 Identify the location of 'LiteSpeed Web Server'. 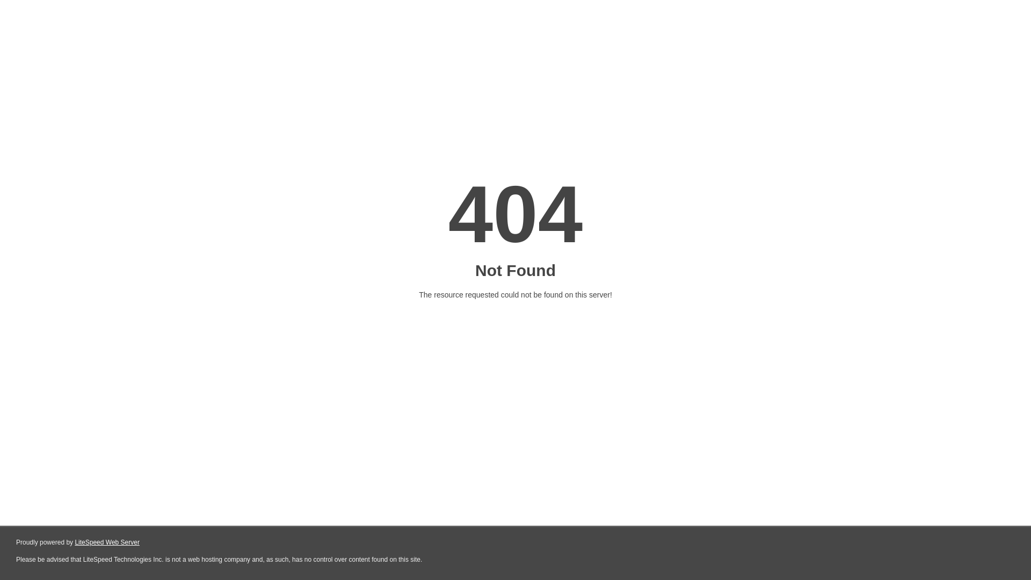
(107, 542).